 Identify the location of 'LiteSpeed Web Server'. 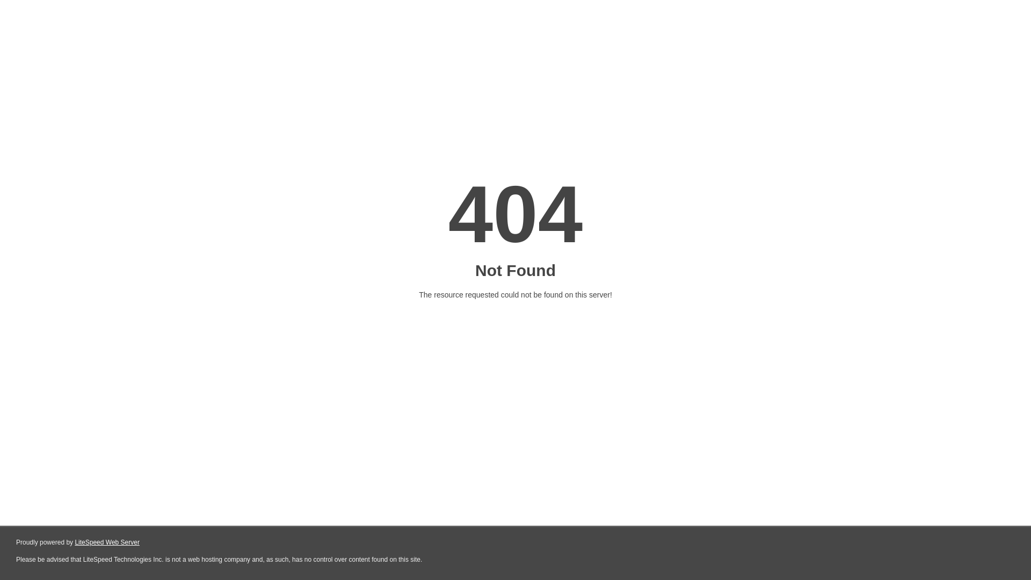
(107, 542).